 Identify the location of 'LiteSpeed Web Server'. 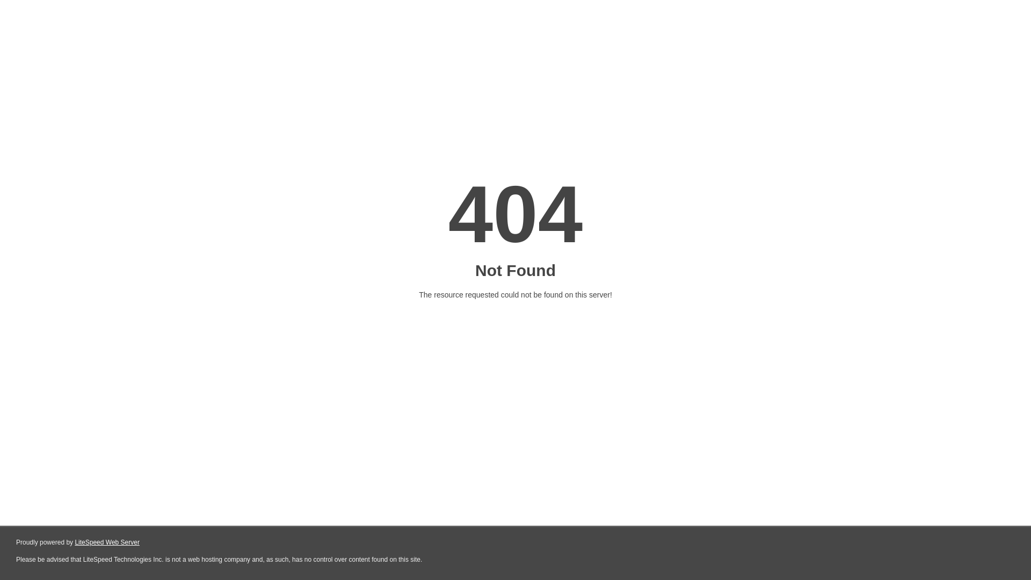
(107, 542).